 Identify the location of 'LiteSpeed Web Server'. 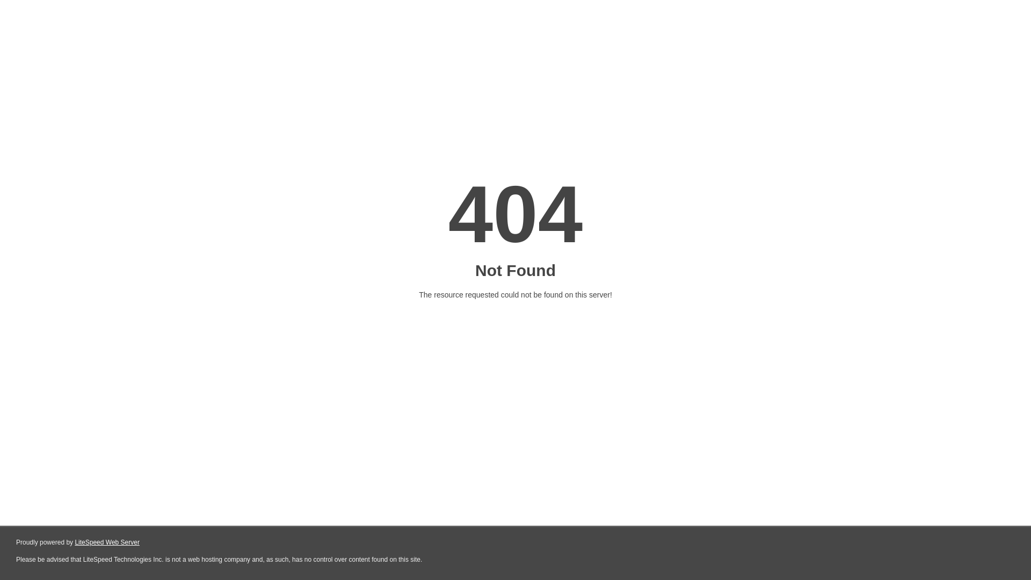
(107, 542).